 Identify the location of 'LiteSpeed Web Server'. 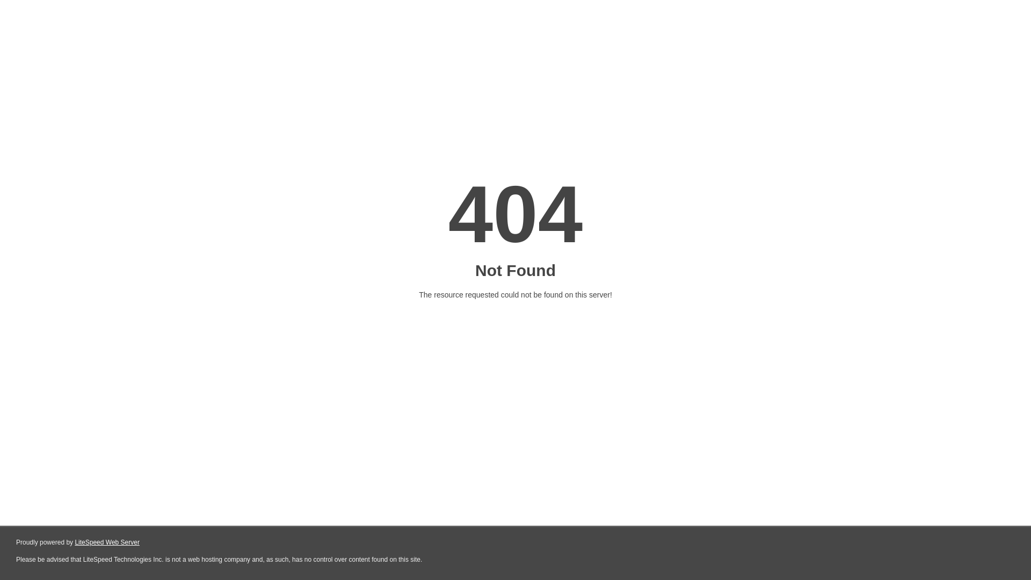
(107, 542).